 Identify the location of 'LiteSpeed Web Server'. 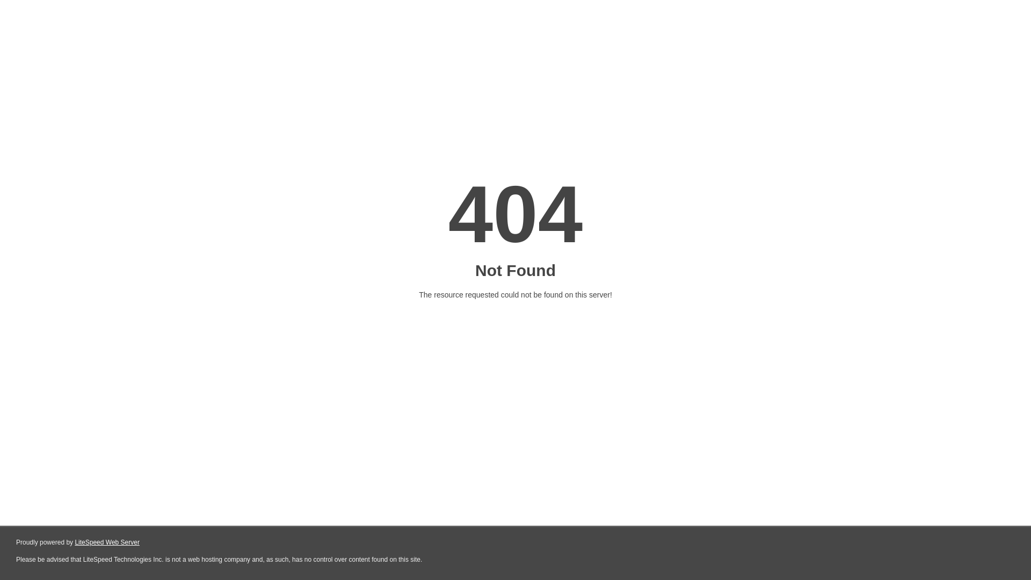
(107, 542).